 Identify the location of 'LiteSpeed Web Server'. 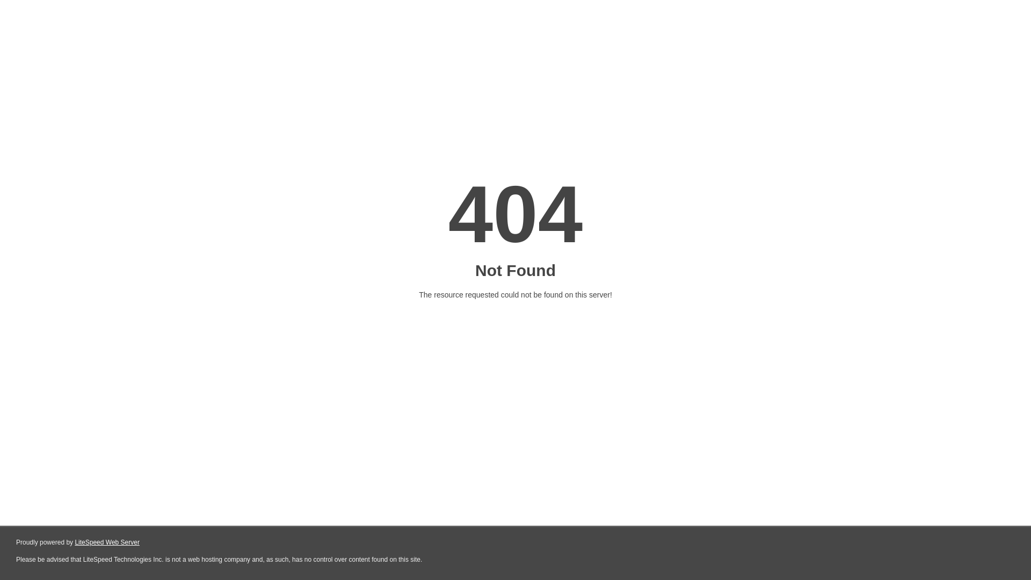
(107, 542).